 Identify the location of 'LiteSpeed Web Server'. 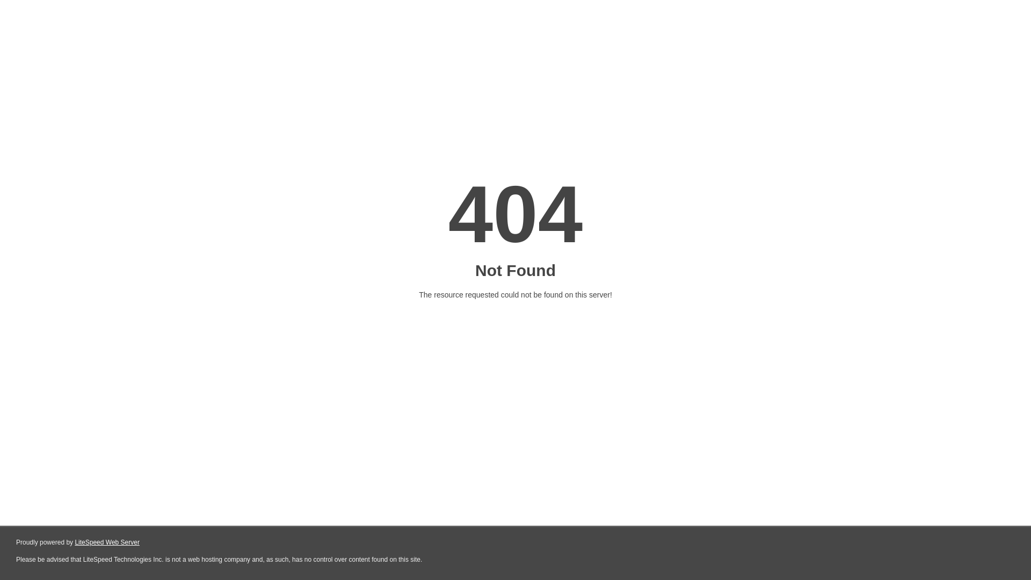
(107, 542).